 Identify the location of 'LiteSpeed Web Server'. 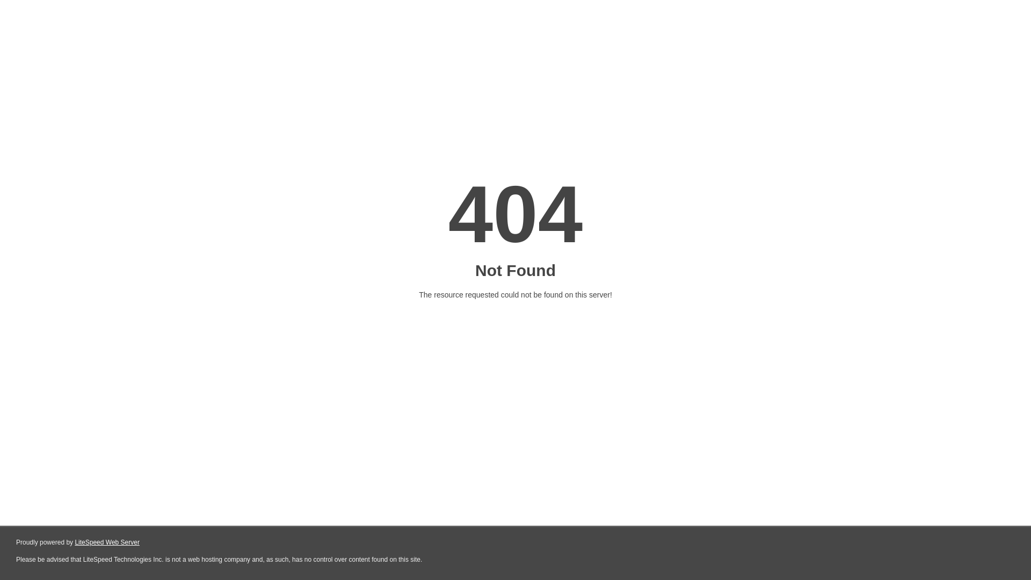
(107, 542).